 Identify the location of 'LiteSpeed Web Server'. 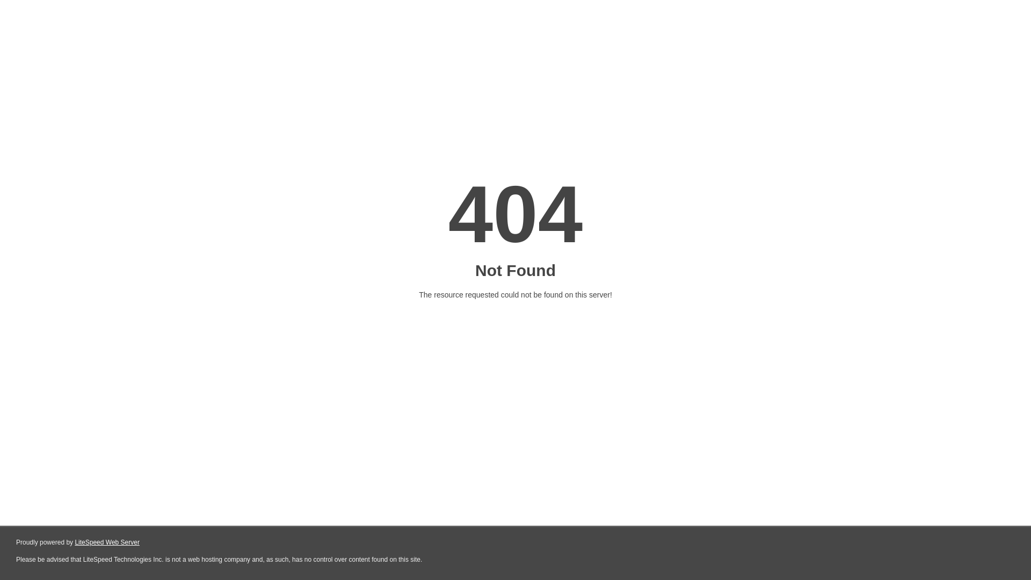
(107, 542).